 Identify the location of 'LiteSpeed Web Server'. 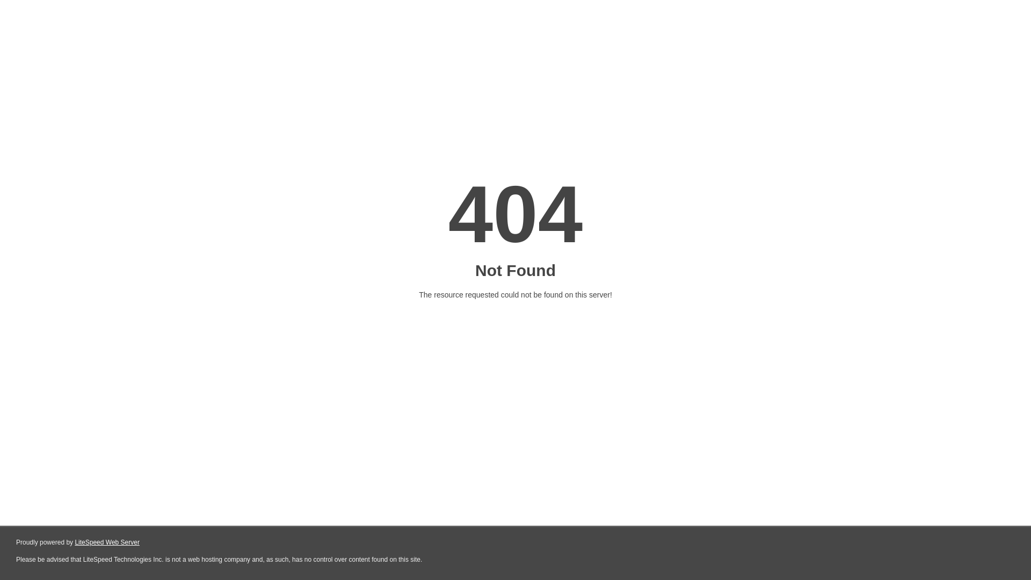
(107, 542).